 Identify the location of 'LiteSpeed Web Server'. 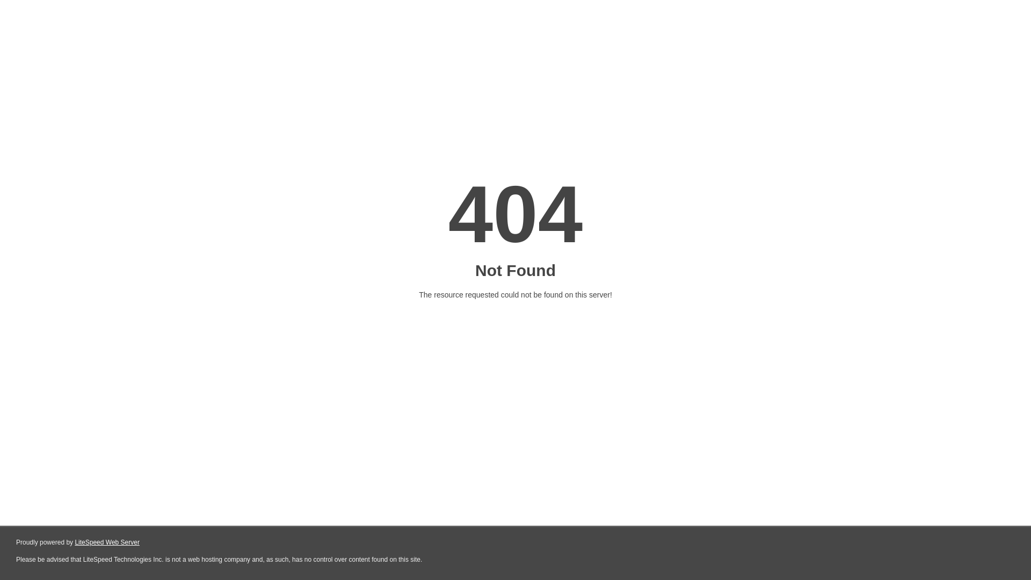
(107, 542).